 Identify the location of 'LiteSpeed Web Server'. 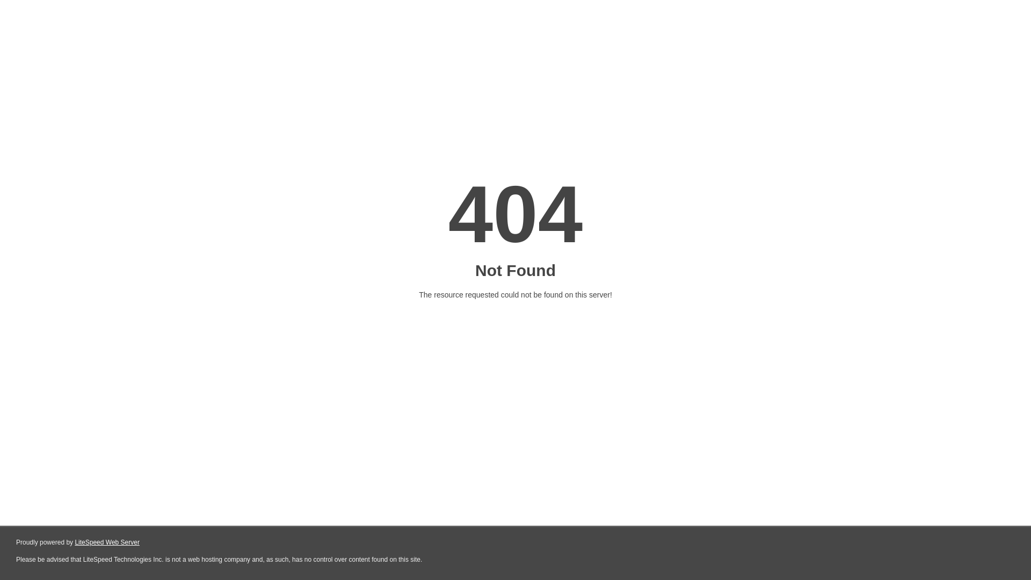
(107, 542).